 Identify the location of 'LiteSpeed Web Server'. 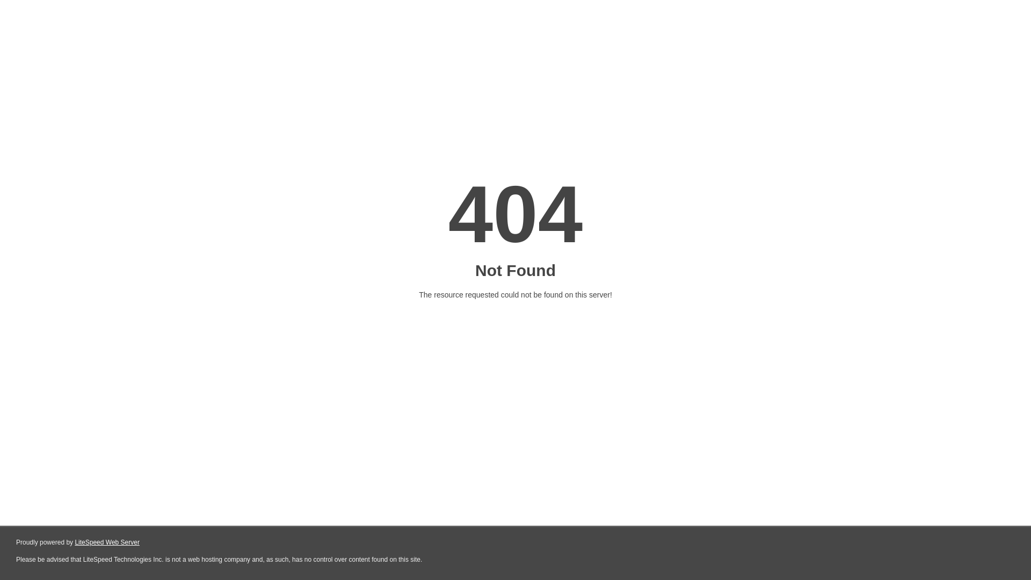
(107, 542).